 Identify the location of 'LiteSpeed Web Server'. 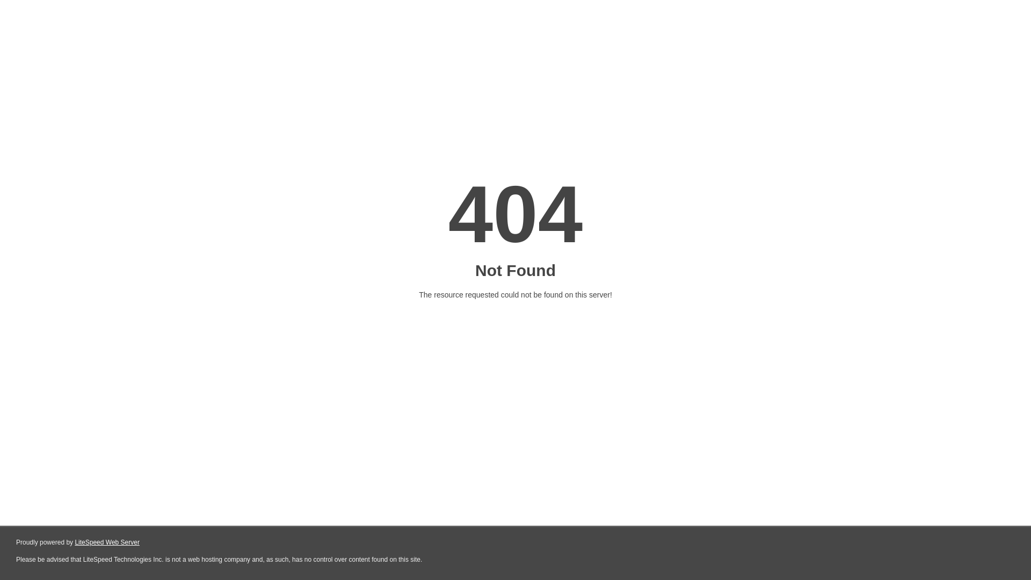
(107, 542).